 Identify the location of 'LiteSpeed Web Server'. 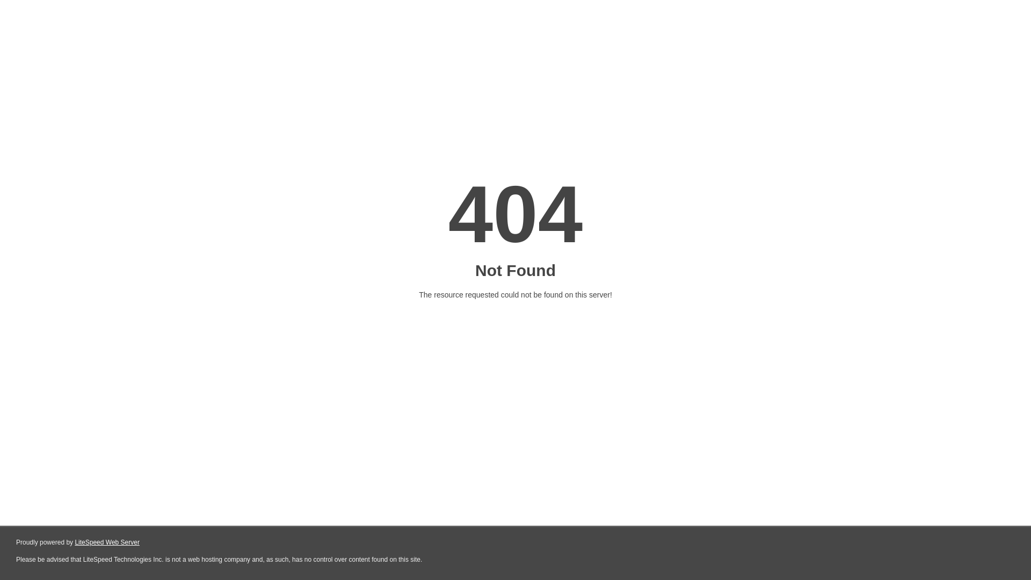
(107, 542).